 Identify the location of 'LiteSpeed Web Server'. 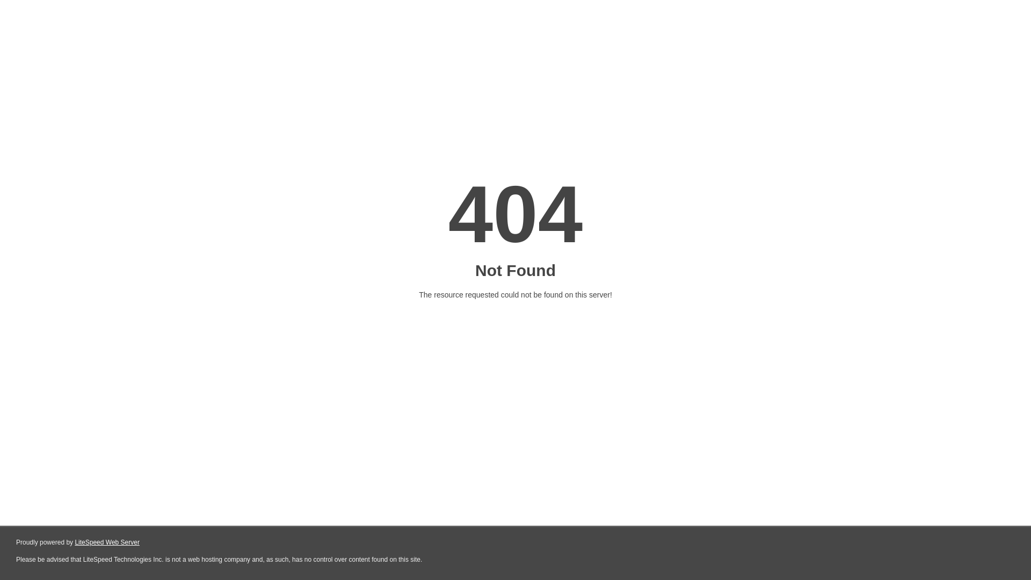
(107, 542).